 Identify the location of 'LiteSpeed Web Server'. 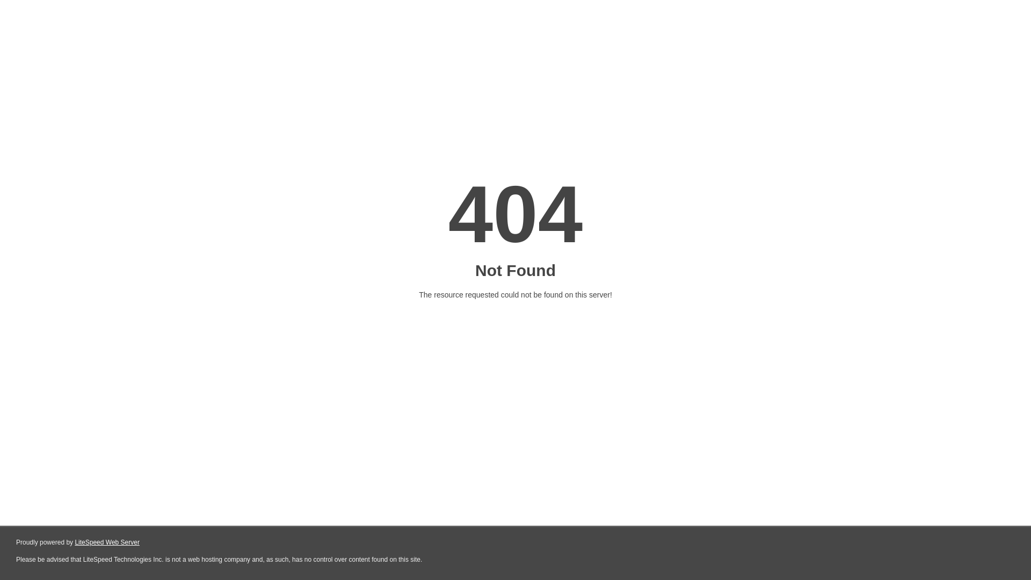
(107, 542).